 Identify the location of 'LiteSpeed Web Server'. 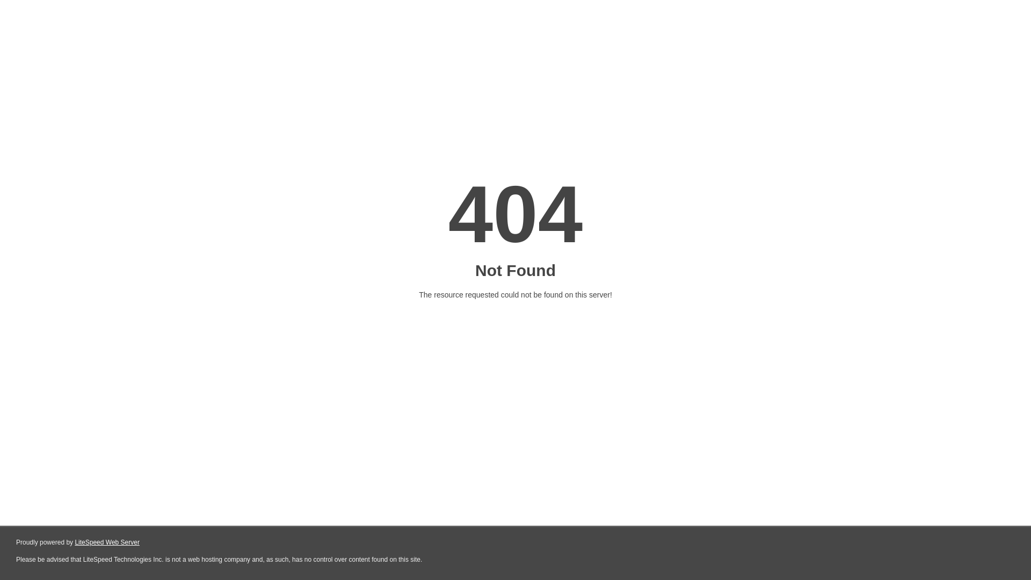
(107, 542).